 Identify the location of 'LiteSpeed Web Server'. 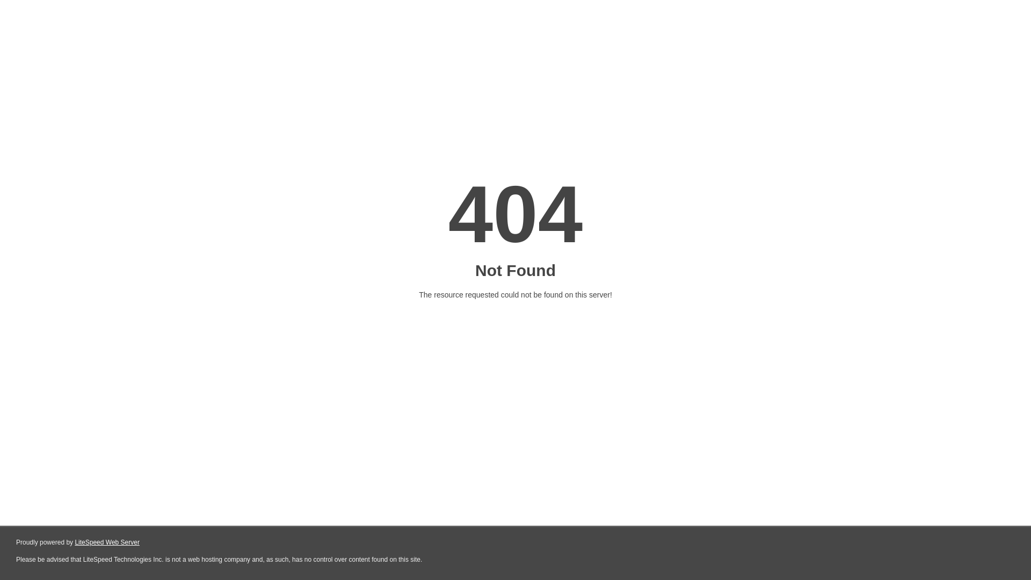
(107, 542).